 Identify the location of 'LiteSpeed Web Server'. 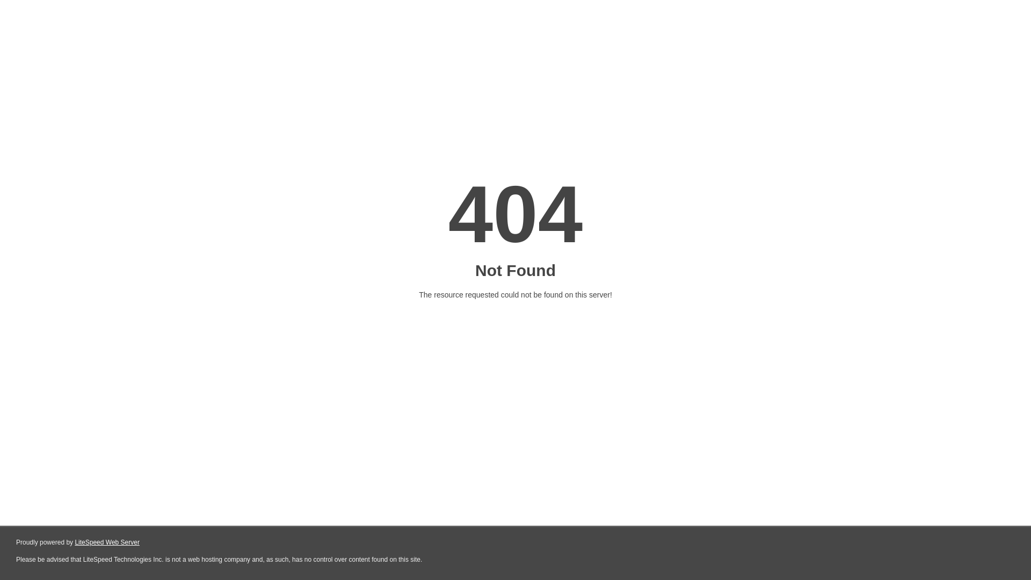
(107, 542).